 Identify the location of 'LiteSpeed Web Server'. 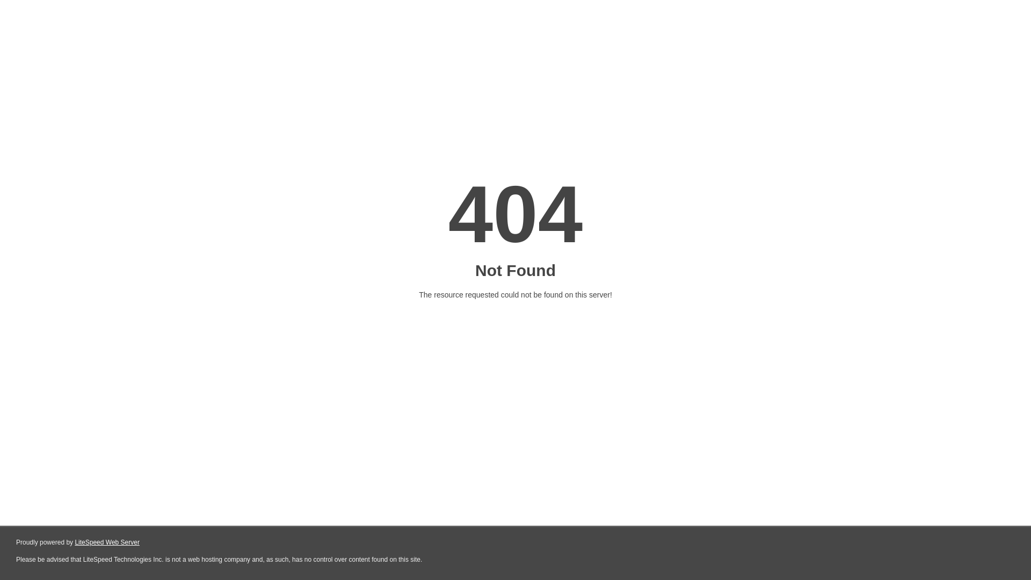
(107, 542).